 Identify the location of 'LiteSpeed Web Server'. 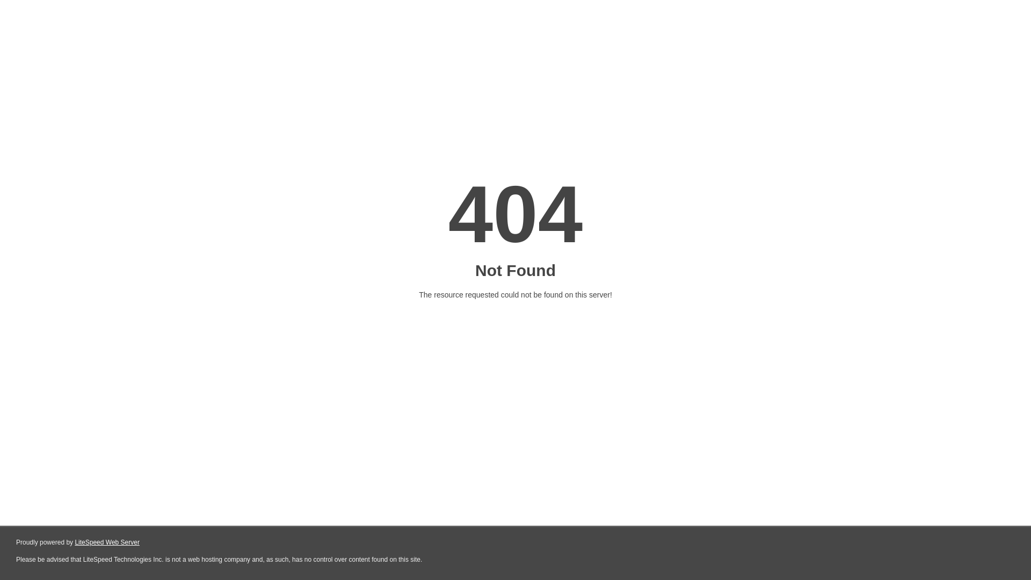
(107, 542).